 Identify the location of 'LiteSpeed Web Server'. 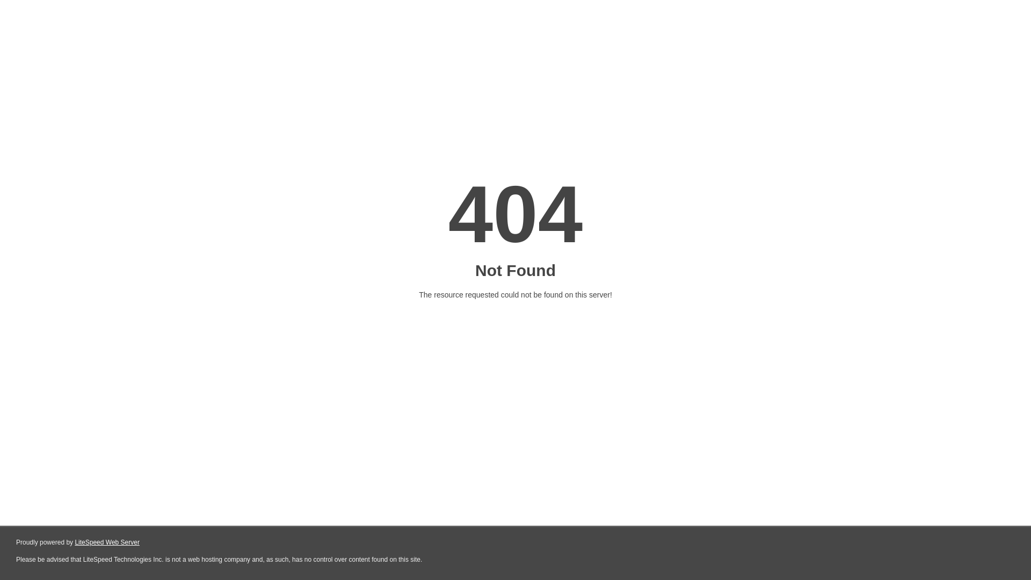
(107, 542).